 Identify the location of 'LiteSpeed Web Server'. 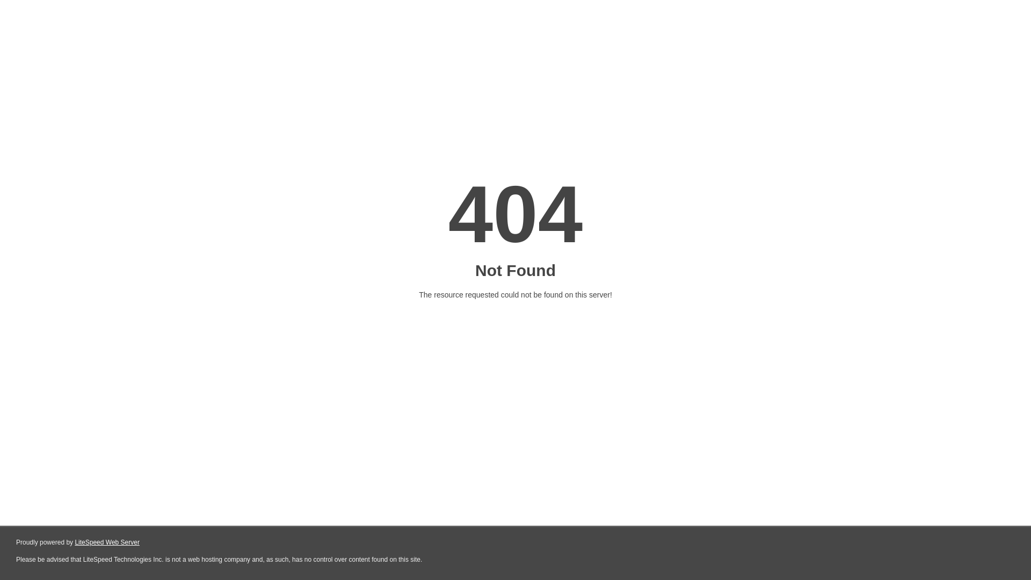
(107, 542).